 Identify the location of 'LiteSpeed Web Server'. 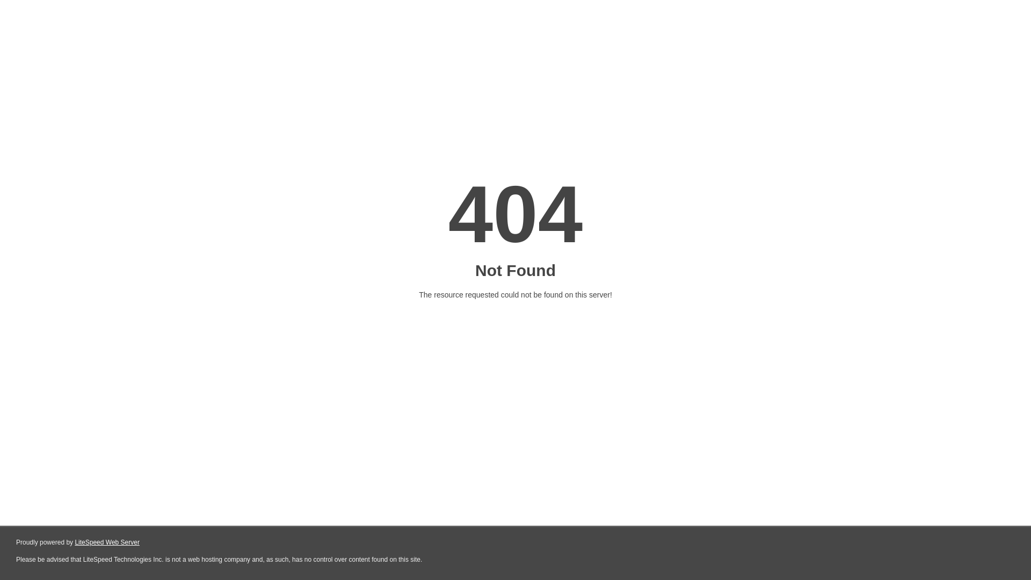
(107, 542).